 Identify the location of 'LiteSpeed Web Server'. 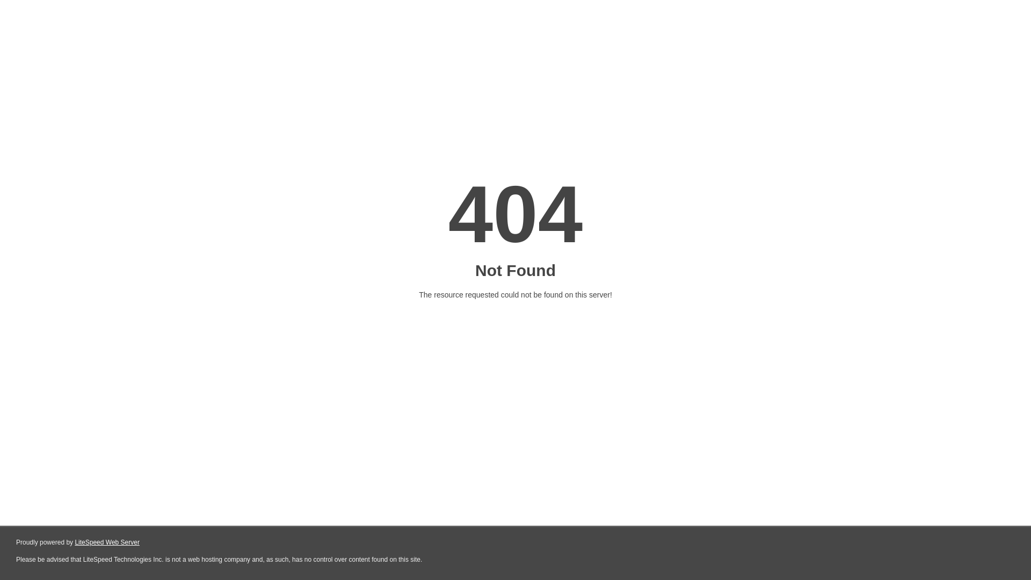
(107, 542).